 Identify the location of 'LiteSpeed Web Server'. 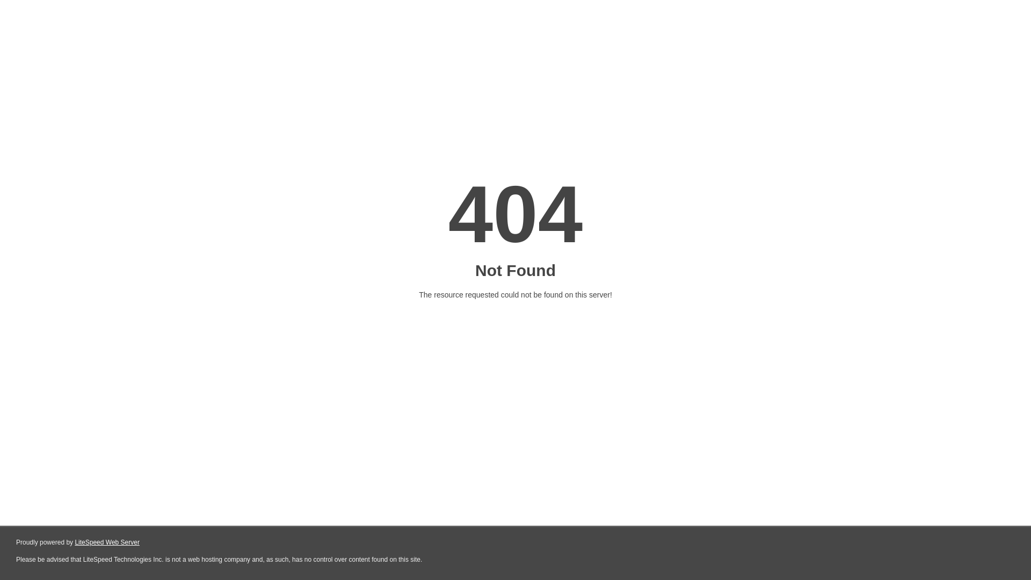
(107, 542).